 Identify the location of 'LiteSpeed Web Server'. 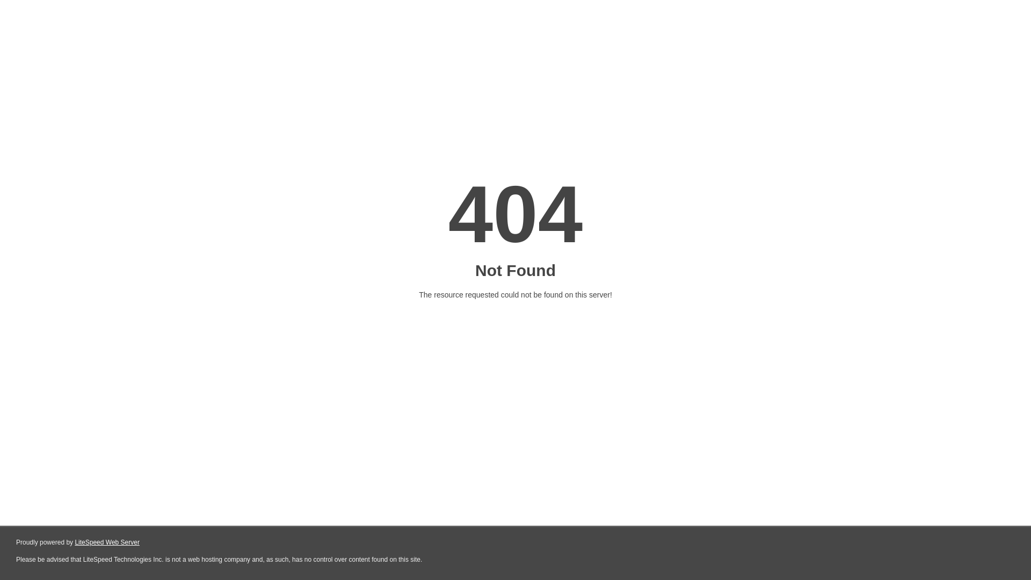
(107, 542).